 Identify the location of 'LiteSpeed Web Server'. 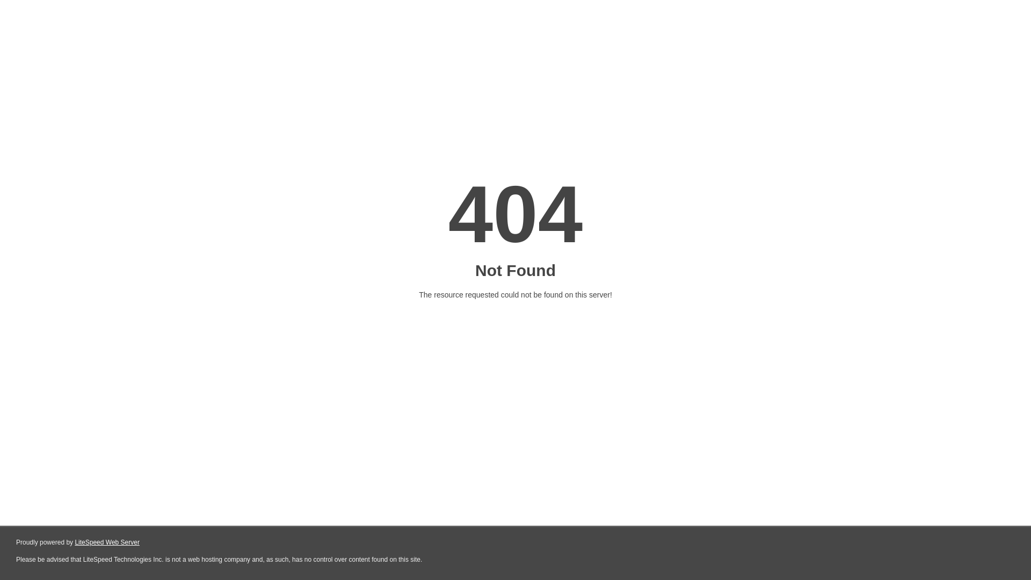
(107, 542).